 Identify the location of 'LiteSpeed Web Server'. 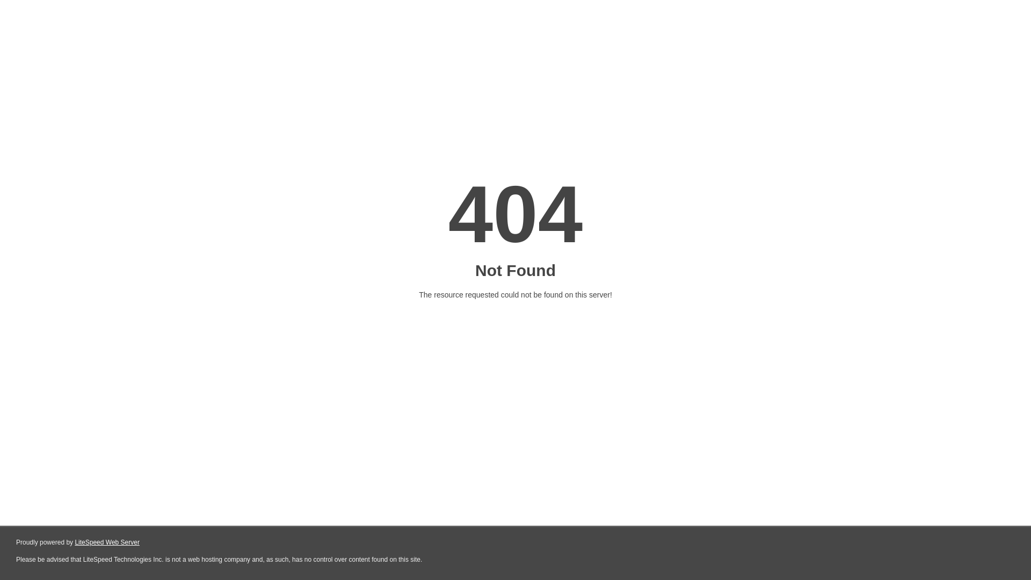
(107, 542).